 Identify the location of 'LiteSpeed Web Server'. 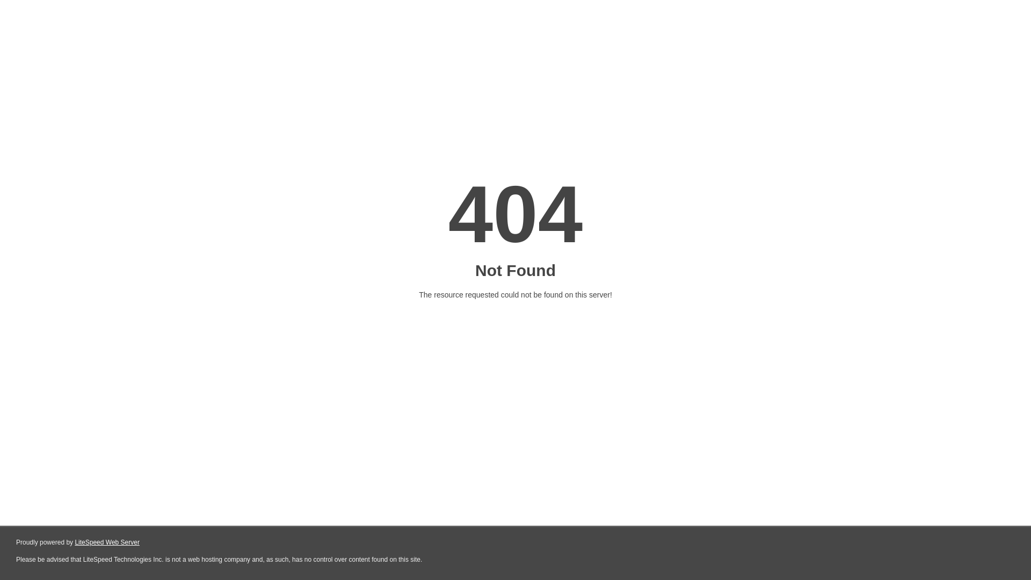
(107, 542).